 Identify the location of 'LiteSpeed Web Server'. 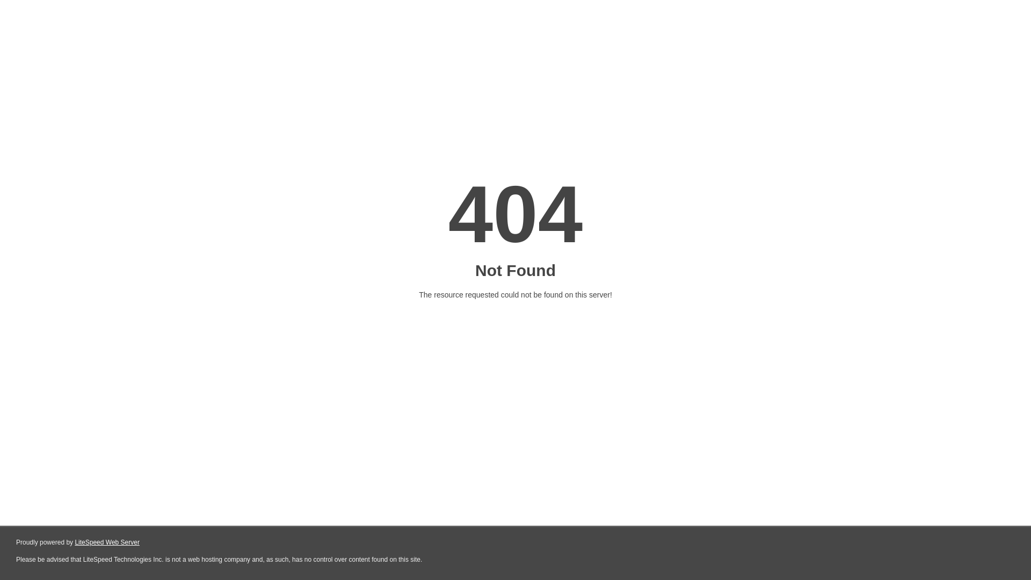
(107, 542).